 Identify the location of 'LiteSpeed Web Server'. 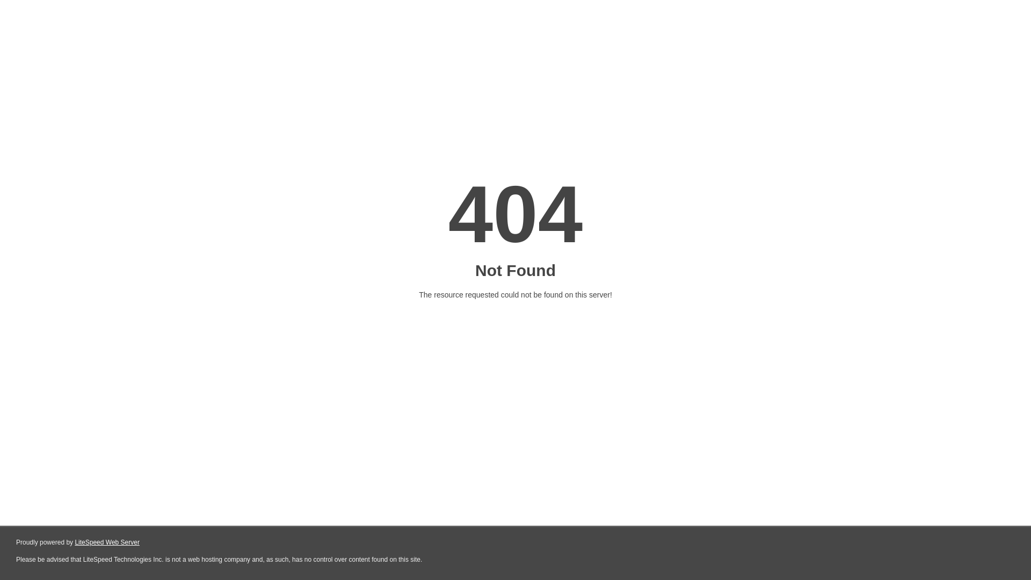
(107, 542).